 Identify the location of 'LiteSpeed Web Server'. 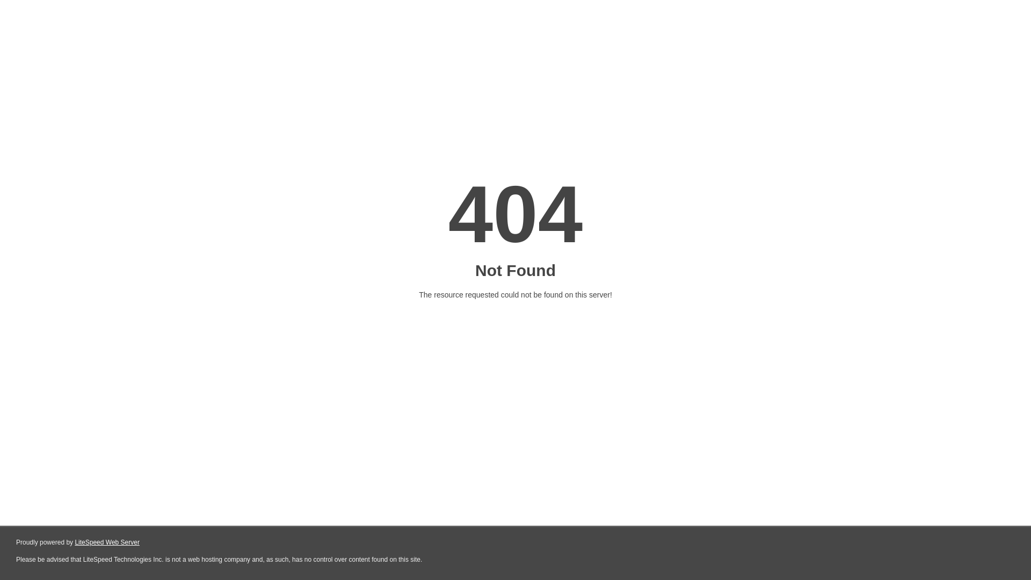
(107, 542).